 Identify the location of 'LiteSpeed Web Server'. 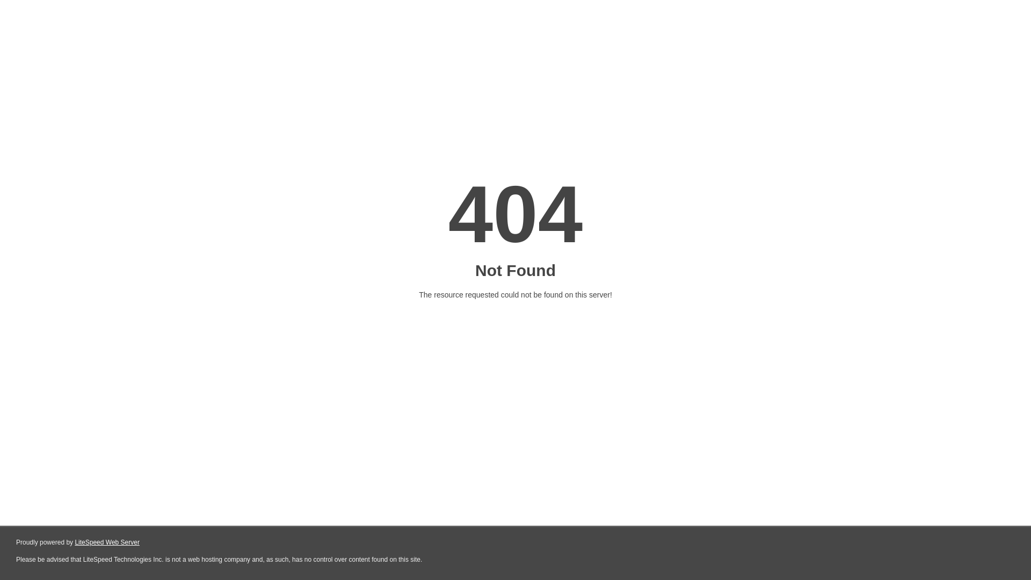
(107, 542).